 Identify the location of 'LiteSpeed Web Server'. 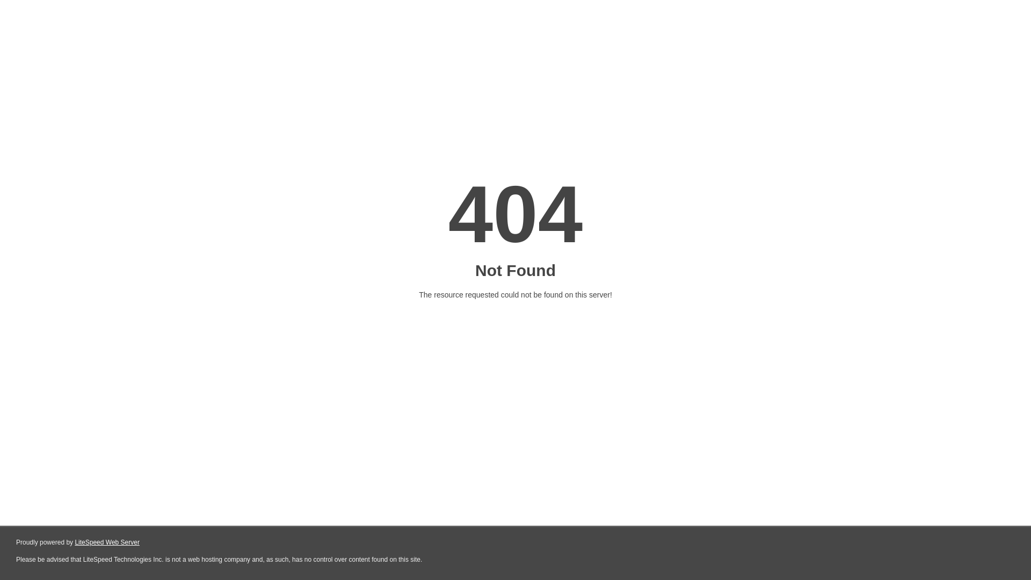
(107, 542).